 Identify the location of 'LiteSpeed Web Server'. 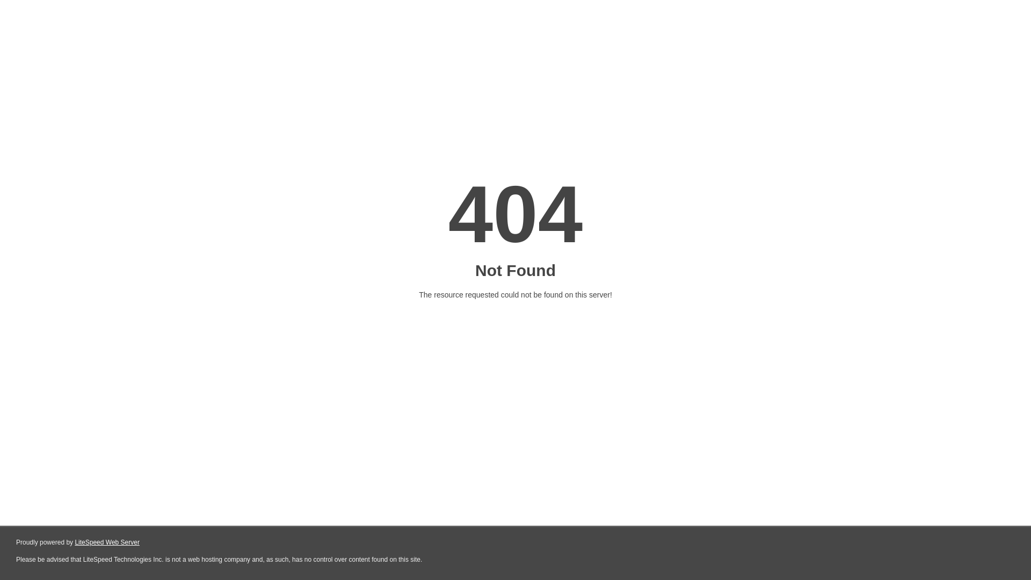
(107, 542).